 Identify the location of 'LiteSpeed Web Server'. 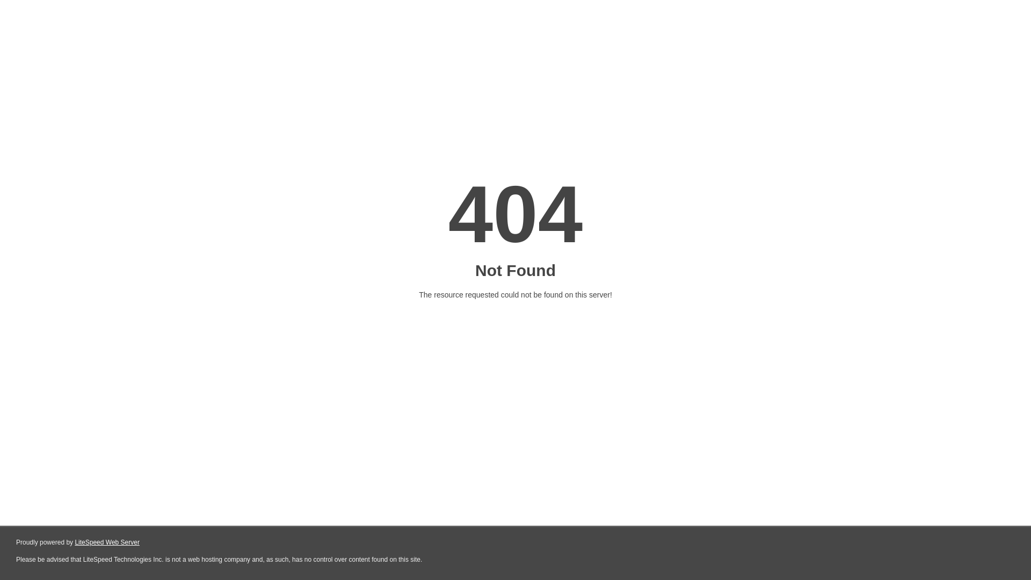
(107, 542).